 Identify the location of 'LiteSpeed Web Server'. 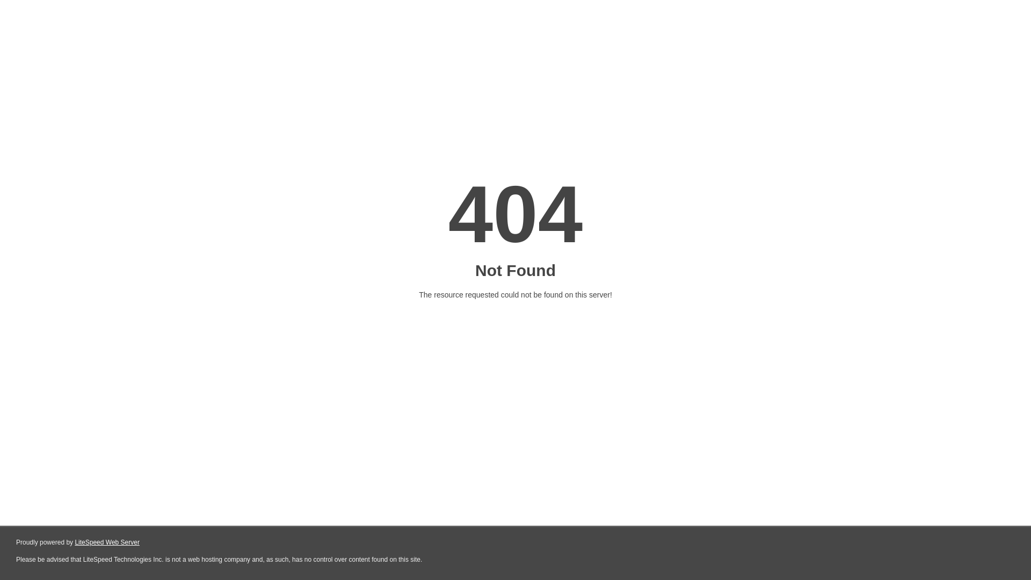
(107, 542).